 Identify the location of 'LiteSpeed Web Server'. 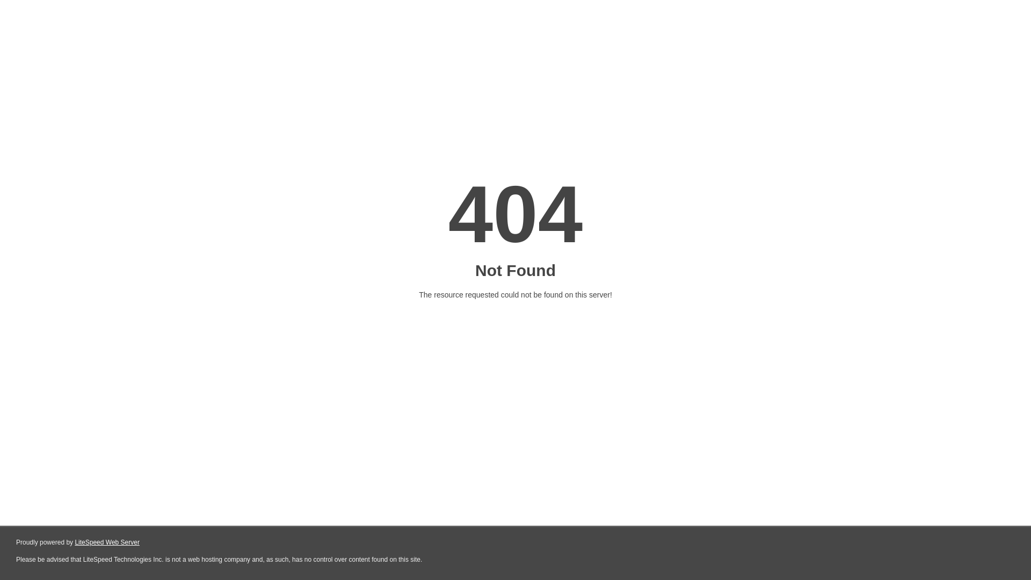
(107, 542).